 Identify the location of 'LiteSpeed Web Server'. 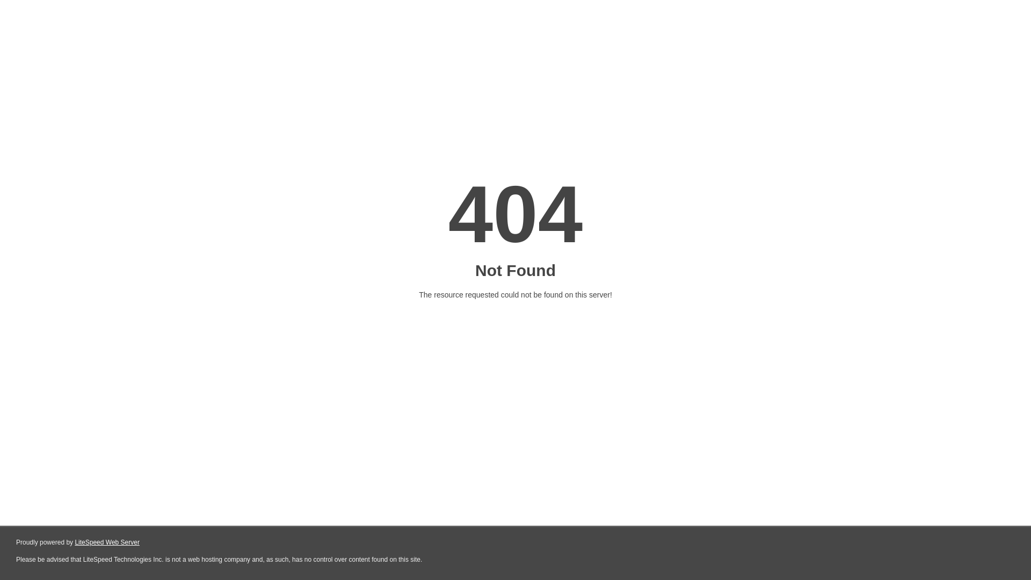
(107, 542).